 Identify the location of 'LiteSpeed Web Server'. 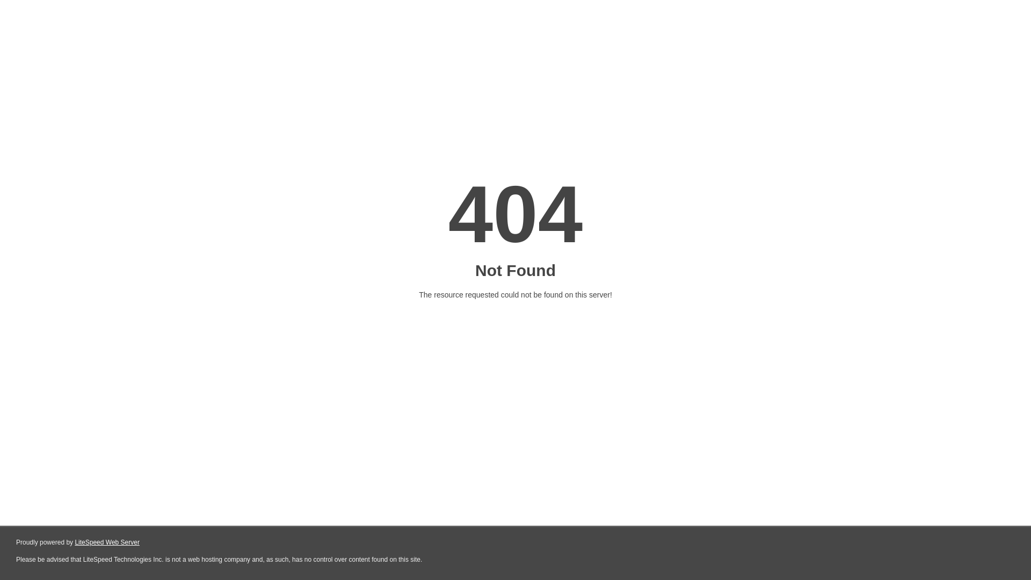
(107, 542).